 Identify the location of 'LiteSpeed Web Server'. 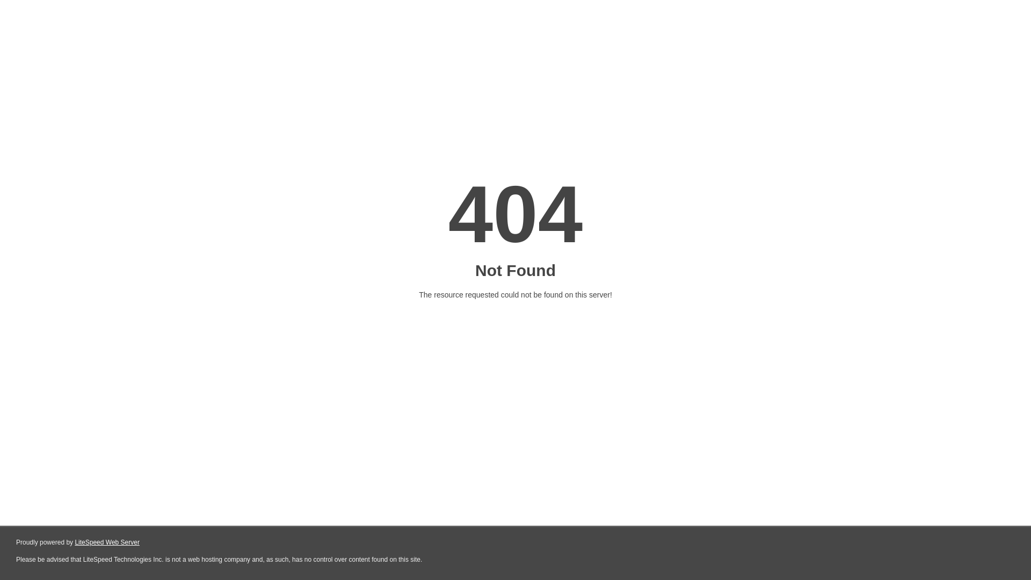
(107, 542).